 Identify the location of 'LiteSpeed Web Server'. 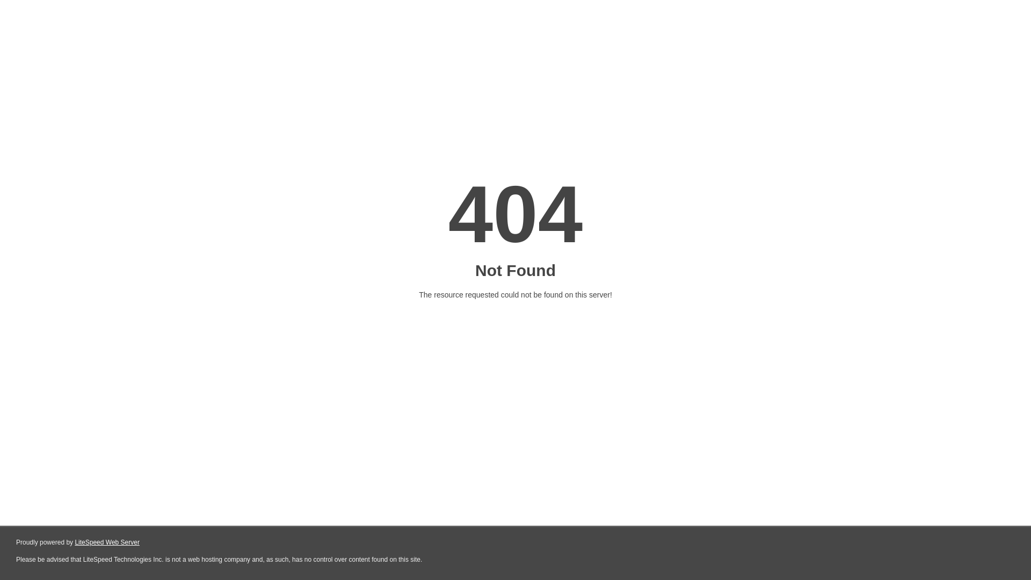
(107, 542).